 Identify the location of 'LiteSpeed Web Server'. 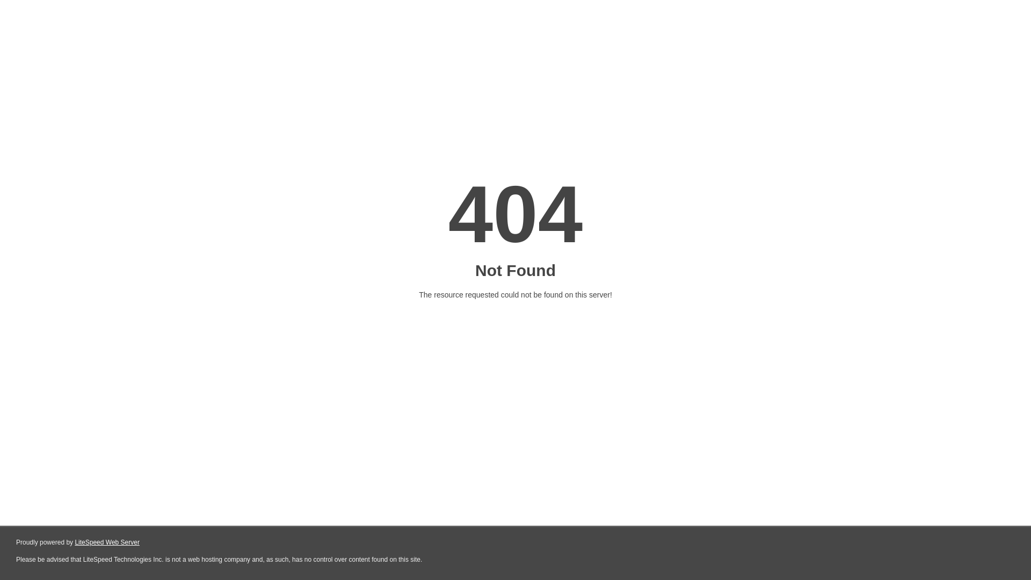
(107, 542).